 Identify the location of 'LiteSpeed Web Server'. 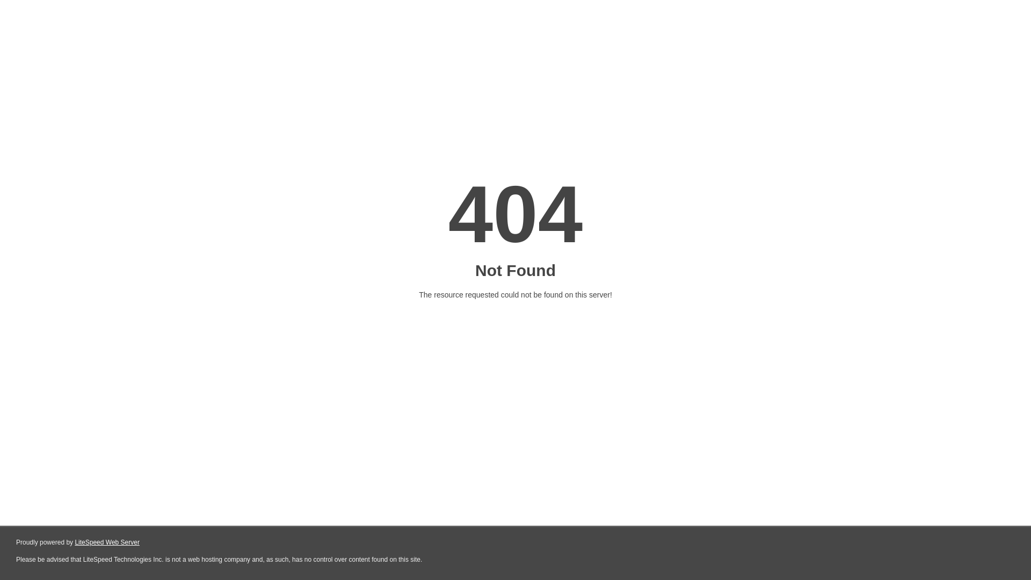
(107, 542).